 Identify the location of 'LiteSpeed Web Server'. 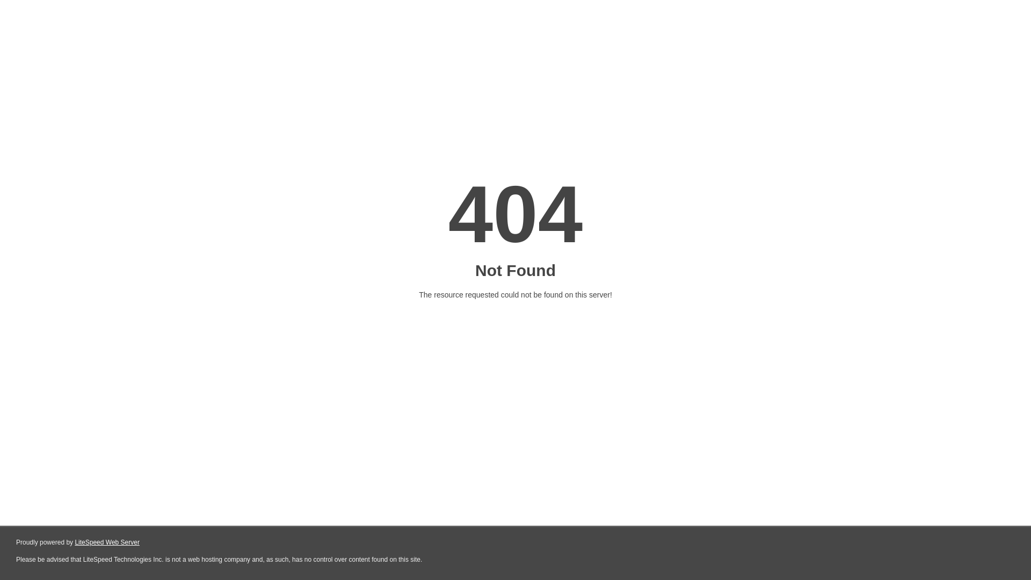
(107, 542).